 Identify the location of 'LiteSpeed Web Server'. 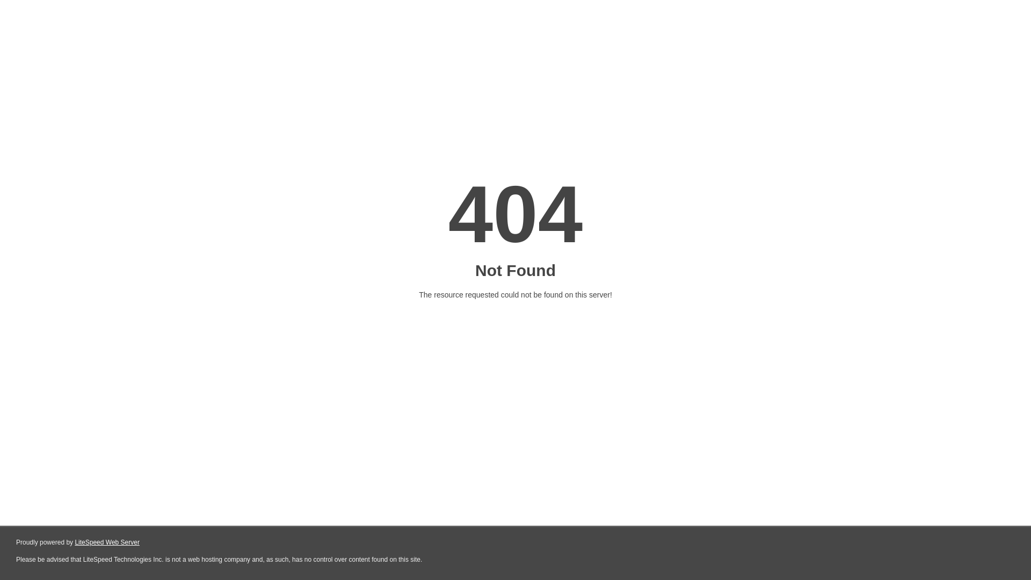
(107, 542).